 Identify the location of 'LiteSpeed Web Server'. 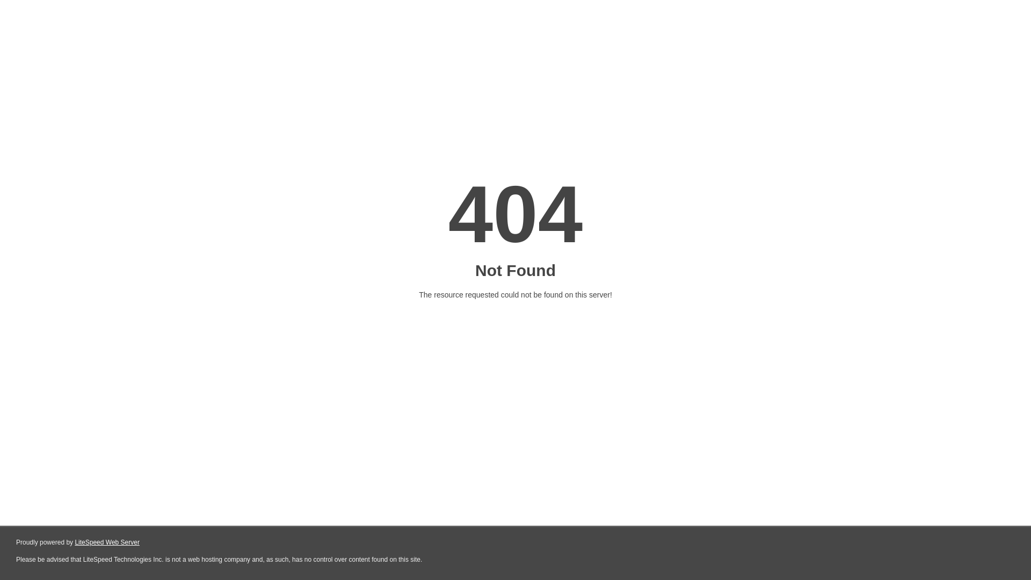
(107, 542).